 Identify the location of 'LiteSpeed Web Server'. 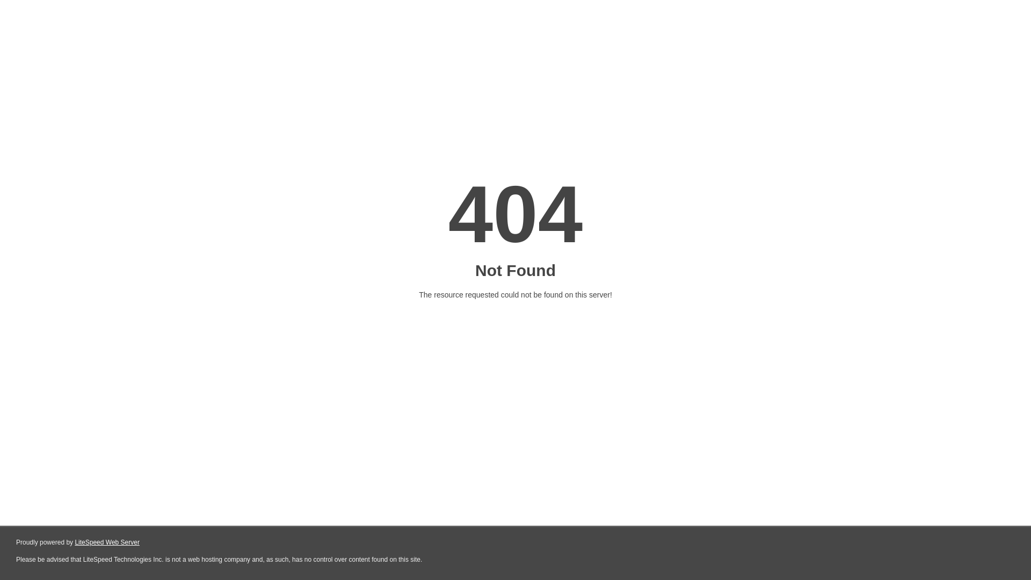
(107, 542).